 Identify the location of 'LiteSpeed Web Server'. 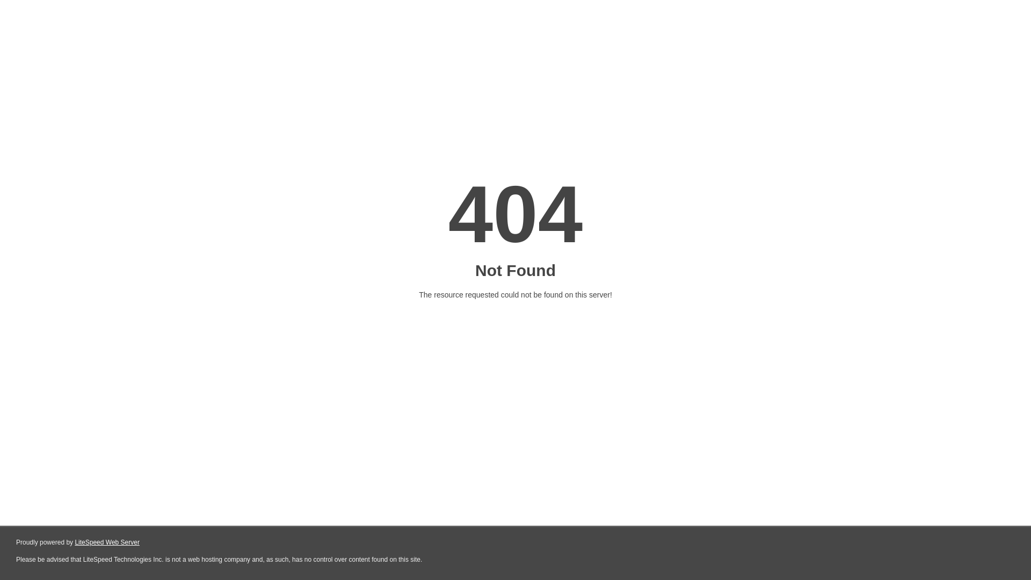
(107, 542).